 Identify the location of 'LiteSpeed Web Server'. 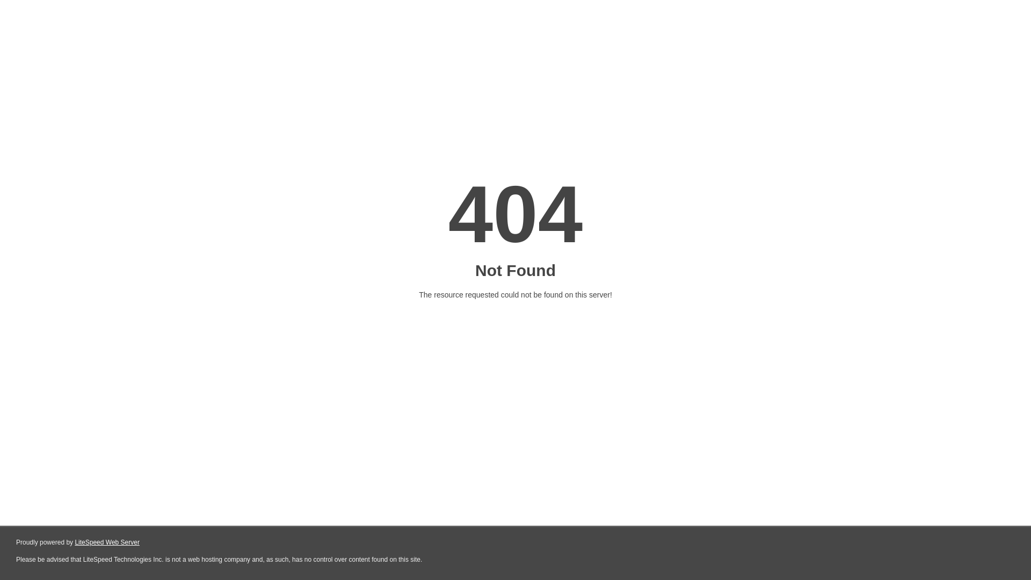
(107, 542).